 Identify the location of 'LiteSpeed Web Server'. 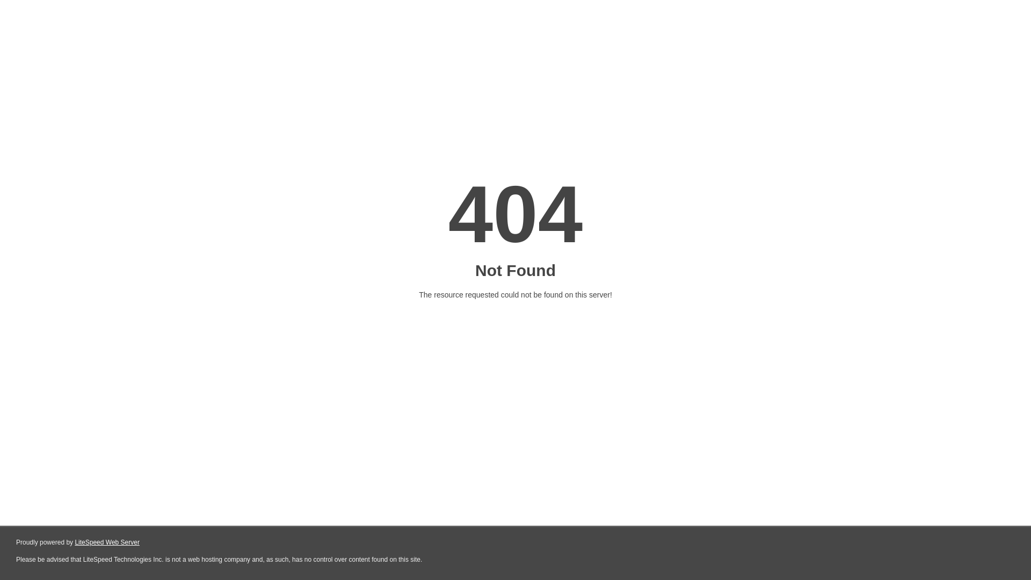
(107, 542).